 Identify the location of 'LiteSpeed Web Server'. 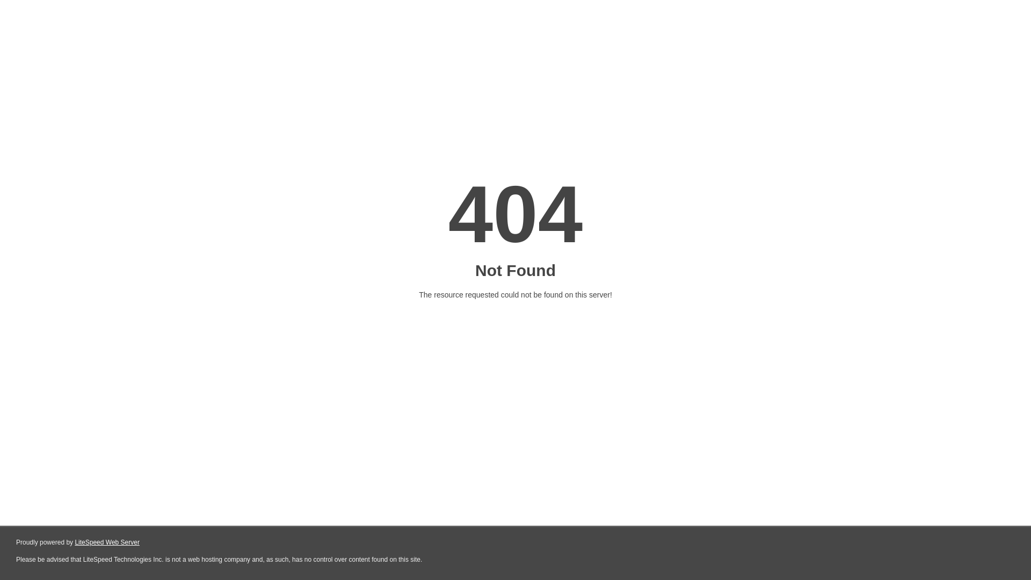
(107, 542).